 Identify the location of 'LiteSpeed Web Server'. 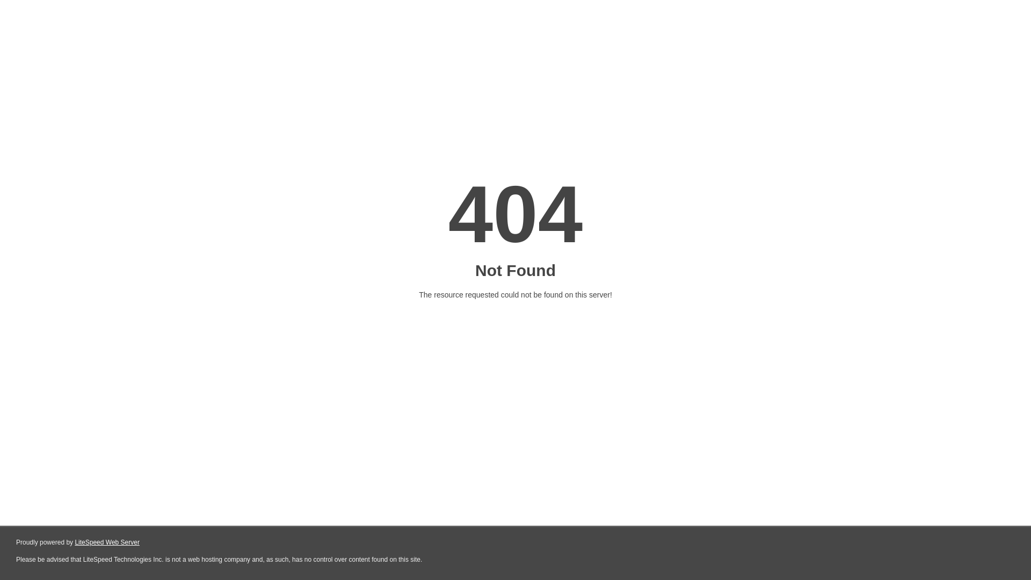
(107, 542).